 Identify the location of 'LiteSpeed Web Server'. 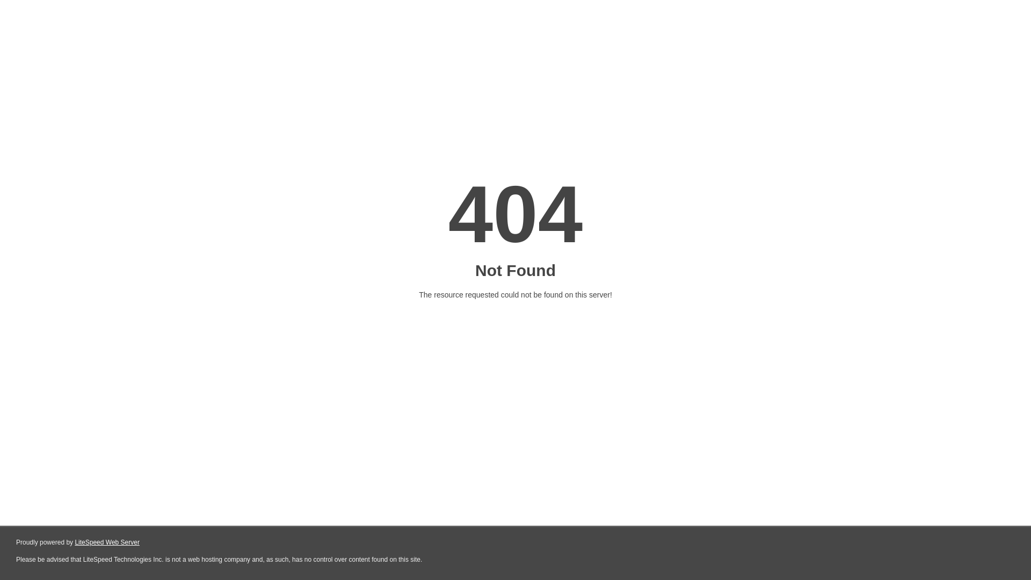
(107, 542).